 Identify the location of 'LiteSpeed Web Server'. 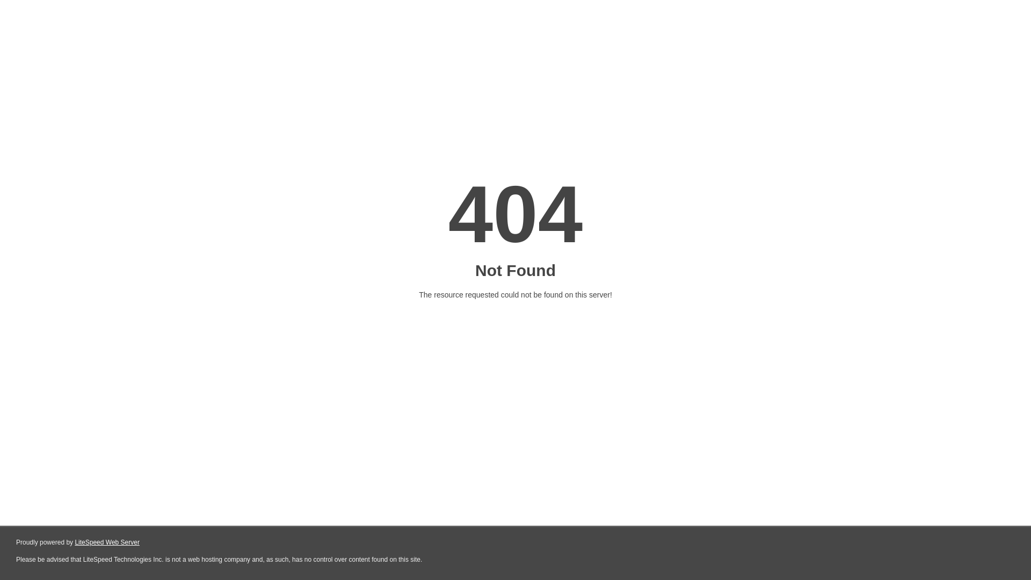
(107, 542).